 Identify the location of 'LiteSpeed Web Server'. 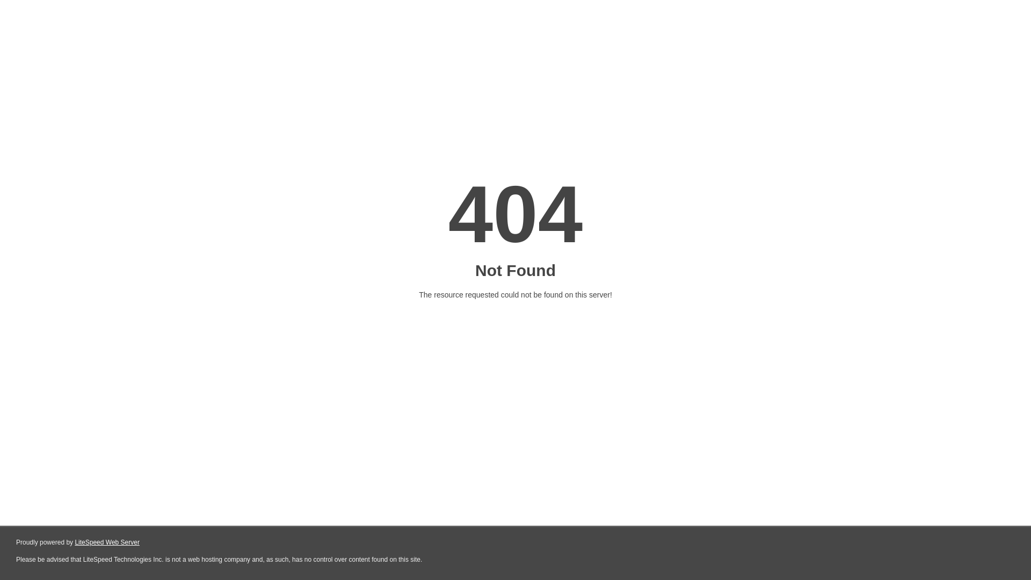
(107, 542).